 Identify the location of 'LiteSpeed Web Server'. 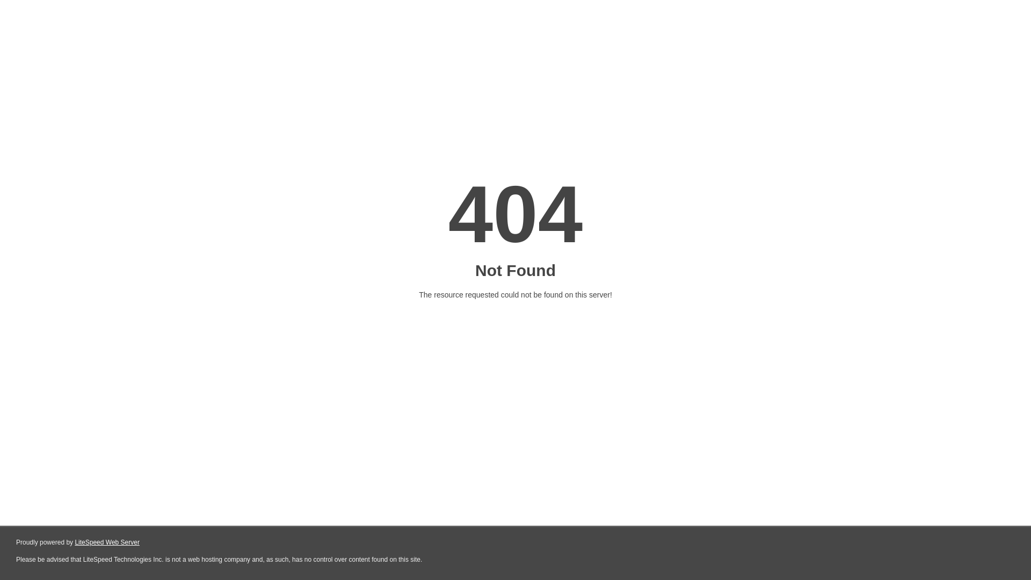
(107, 542).